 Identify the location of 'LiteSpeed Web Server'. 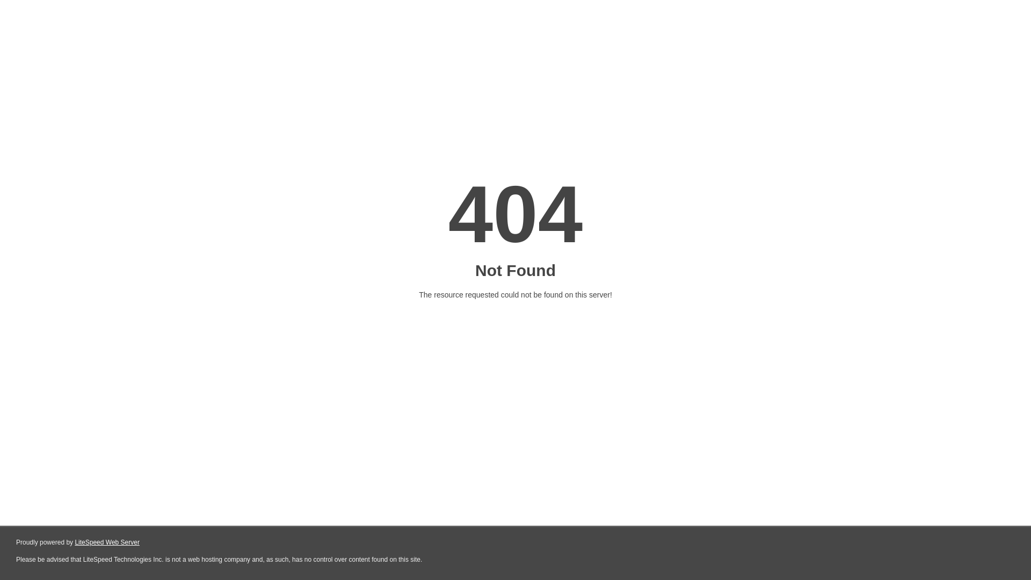
(107, 542).